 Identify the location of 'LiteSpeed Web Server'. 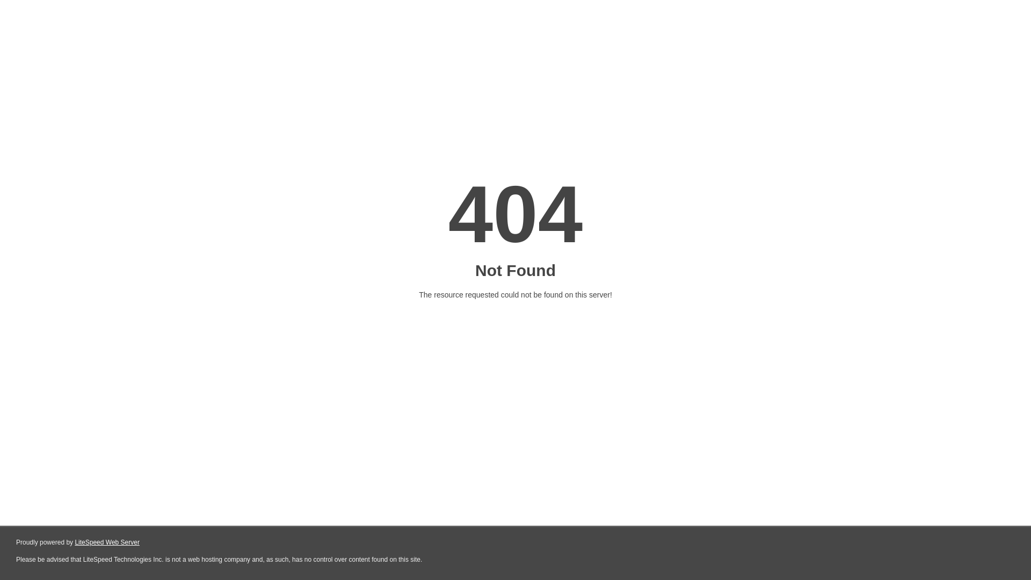
(107, 542).